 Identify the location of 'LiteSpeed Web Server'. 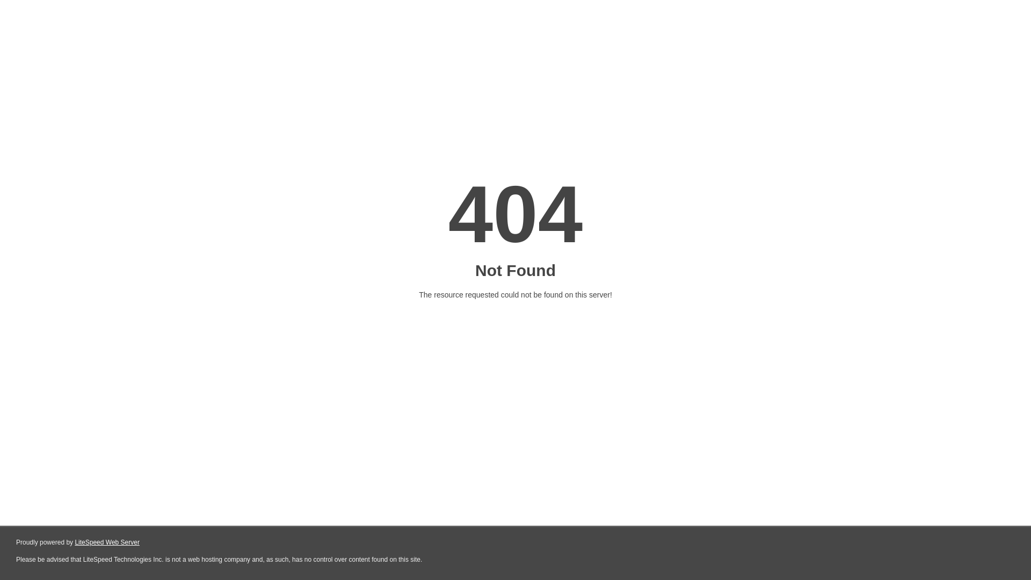
(107, 542).